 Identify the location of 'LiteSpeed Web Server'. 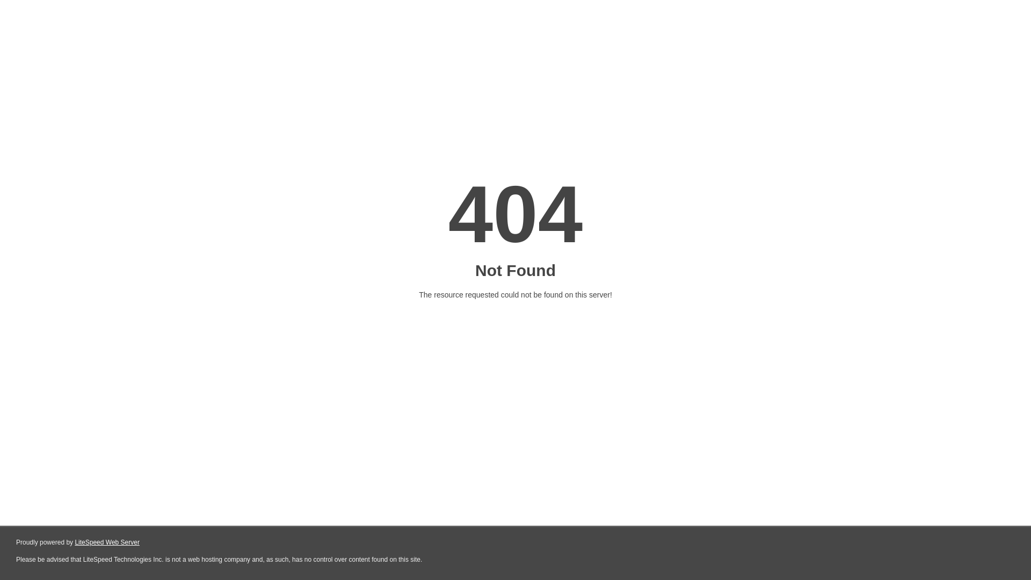
(107, 542).